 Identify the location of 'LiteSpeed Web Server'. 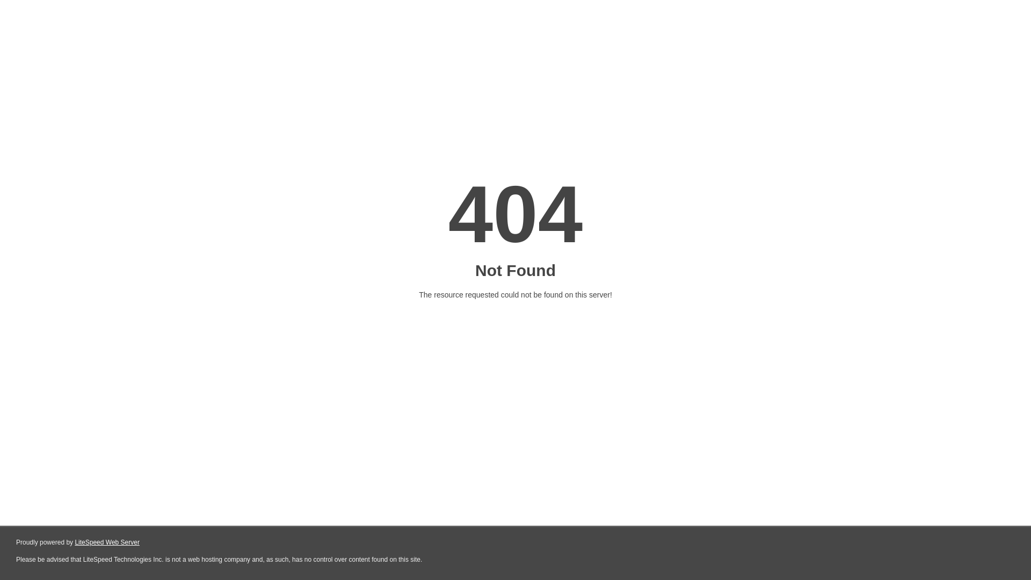
(107, 542).